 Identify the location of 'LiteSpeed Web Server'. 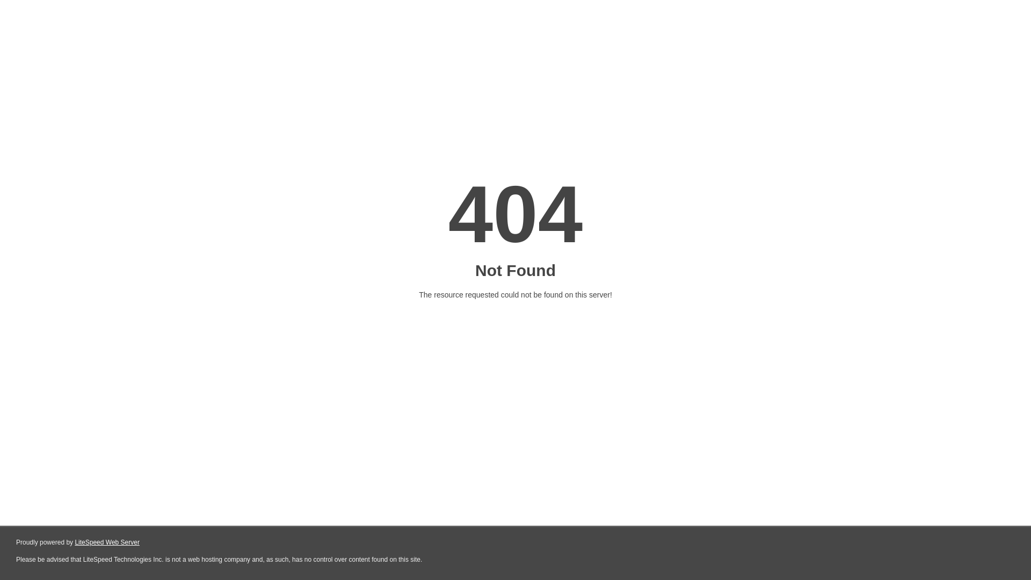
(107, 542).